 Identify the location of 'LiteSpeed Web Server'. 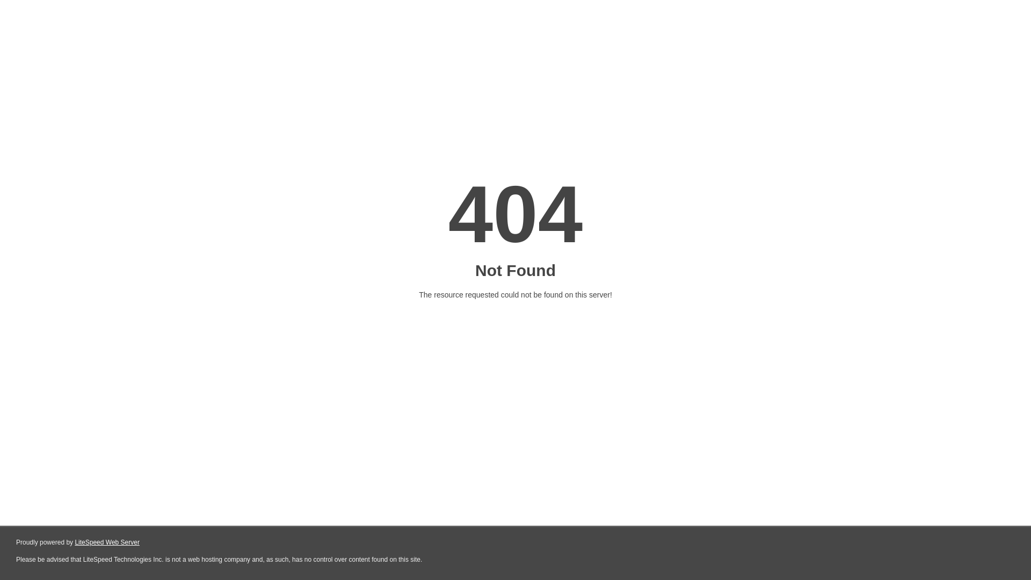
(107, 542).